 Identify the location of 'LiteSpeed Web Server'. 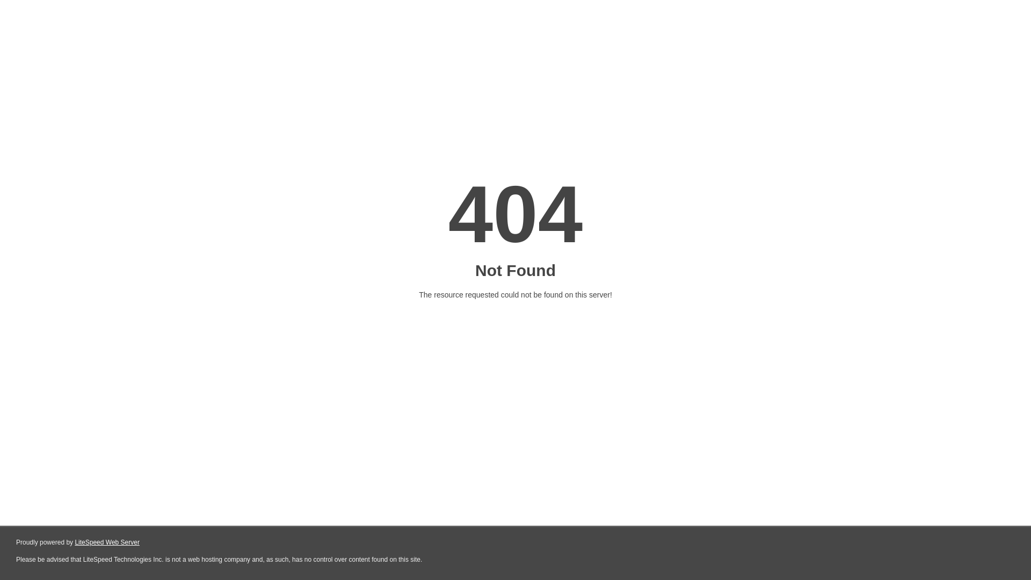
(107, 542).